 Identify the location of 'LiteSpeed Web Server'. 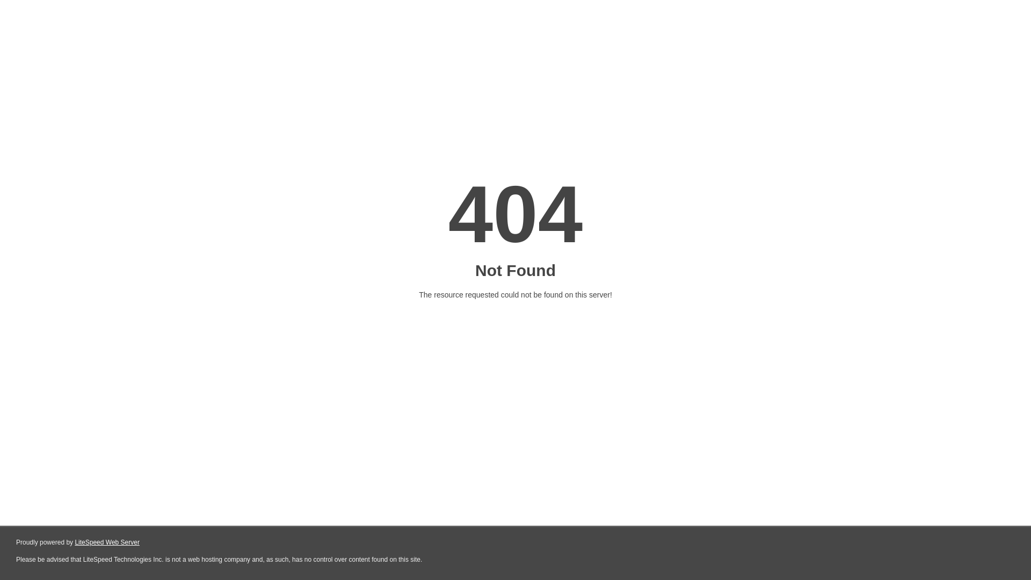
(107, 542).